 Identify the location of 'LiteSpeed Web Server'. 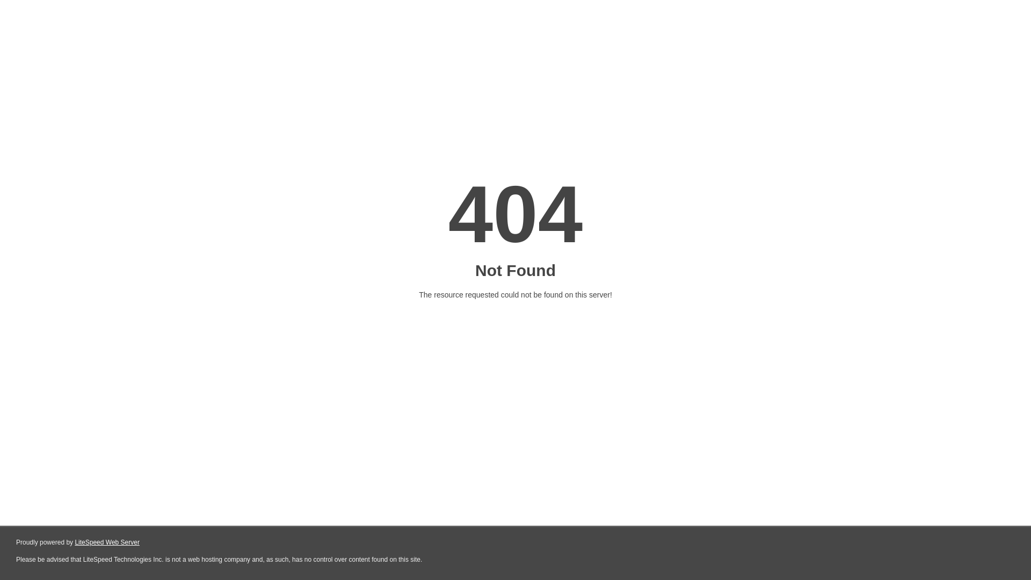
(107, 542).